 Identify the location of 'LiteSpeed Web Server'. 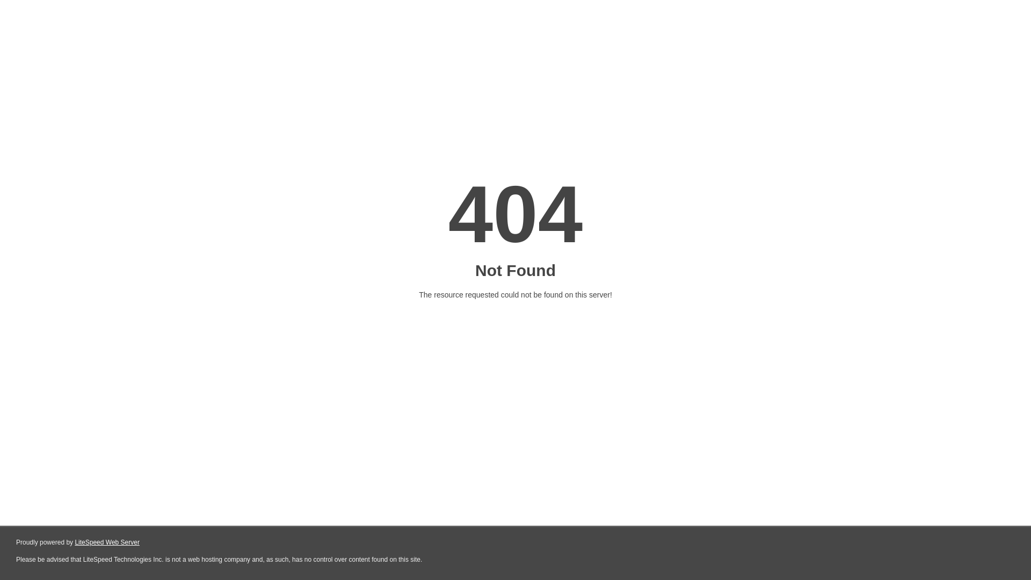
(107, 542).